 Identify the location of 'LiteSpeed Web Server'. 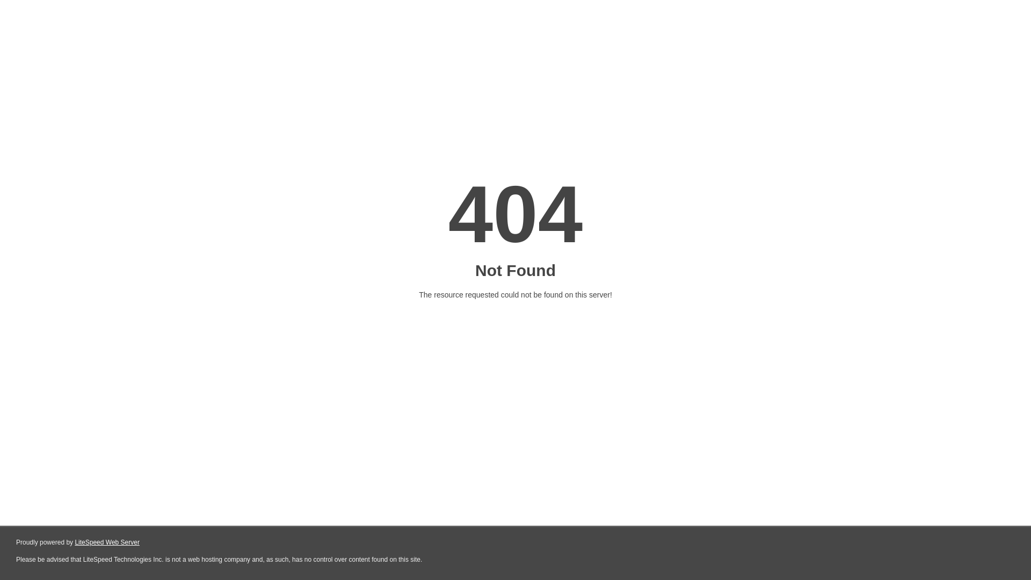
(107, 542).